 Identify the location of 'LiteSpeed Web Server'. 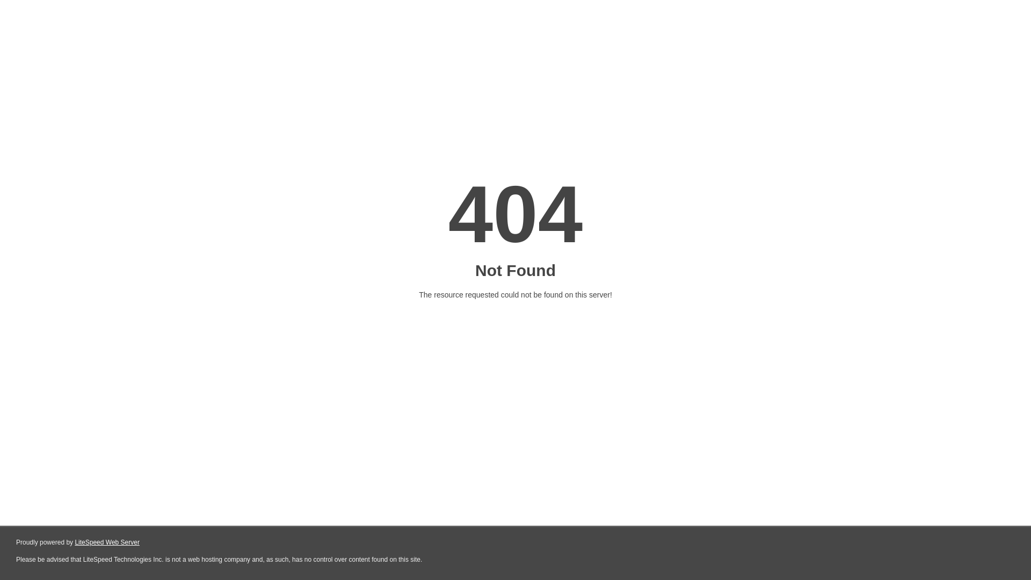
(107, 542).